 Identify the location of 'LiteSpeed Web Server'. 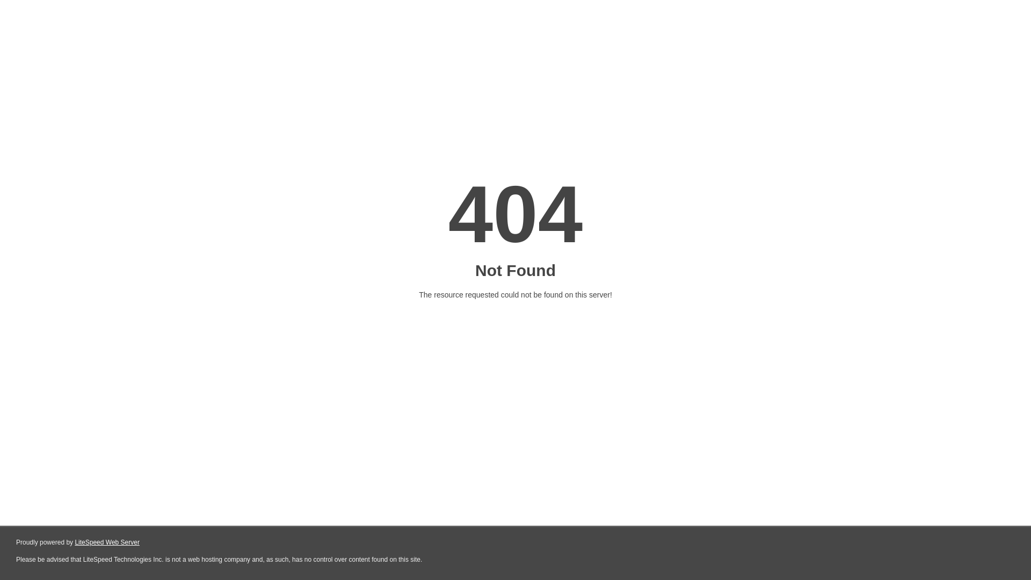
(107, 542).